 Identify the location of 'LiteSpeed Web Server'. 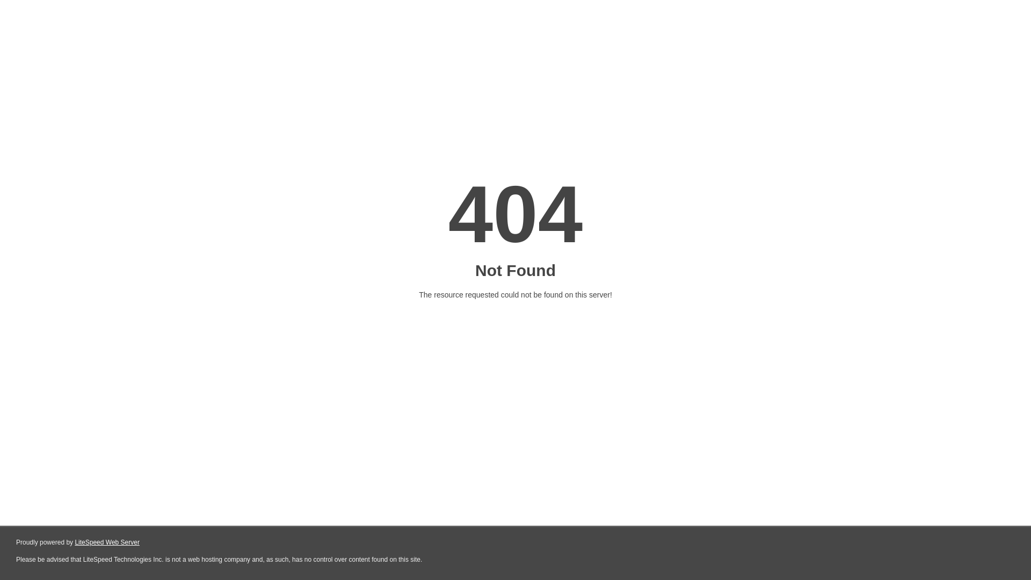
(107, 542).